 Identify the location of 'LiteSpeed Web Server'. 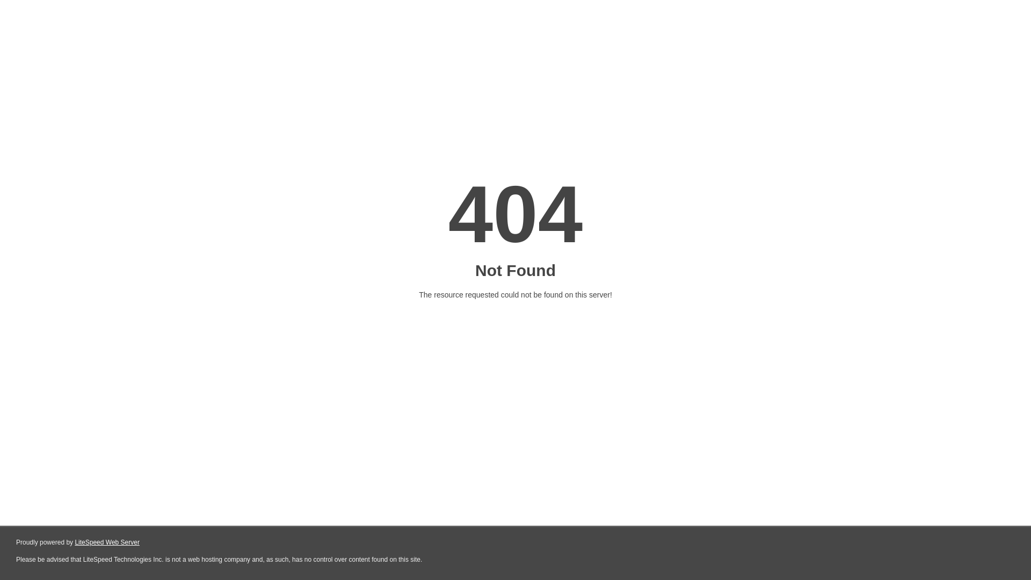
(107, 542).